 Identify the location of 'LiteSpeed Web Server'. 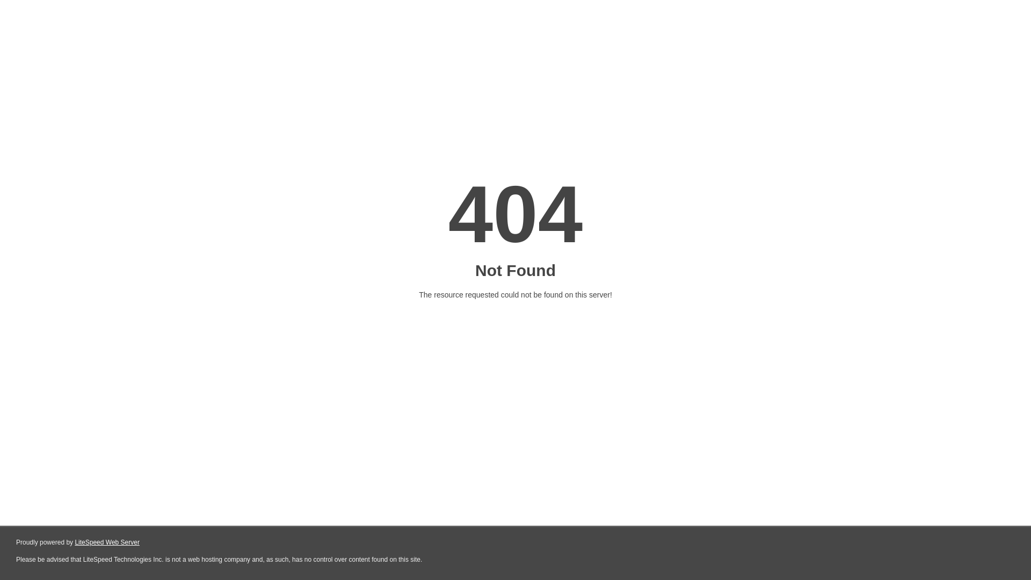
(107, 542).